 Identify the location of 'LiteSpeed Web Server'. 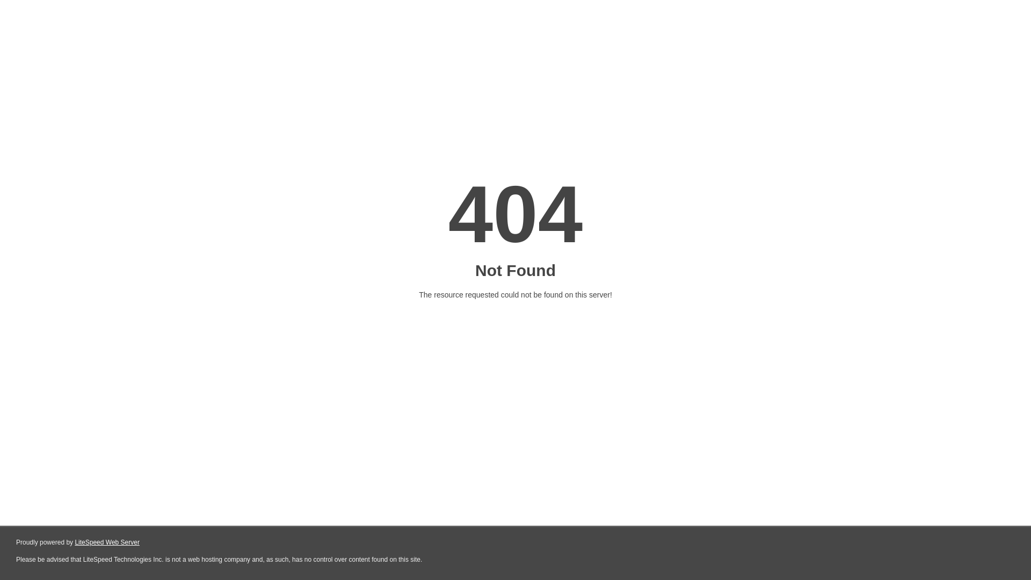
(107, 542).